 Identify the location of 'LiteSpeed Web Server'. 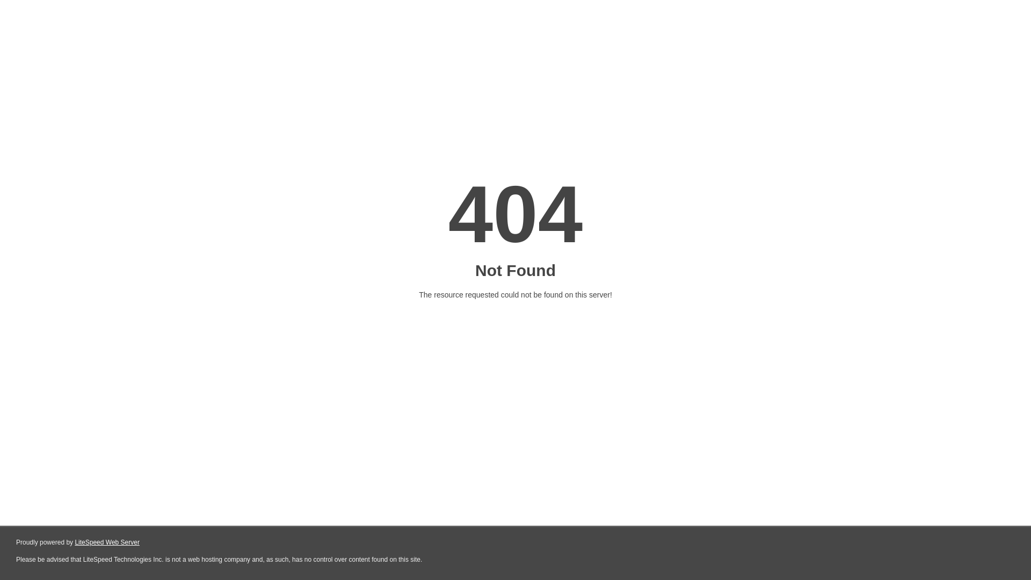
(107, 542).